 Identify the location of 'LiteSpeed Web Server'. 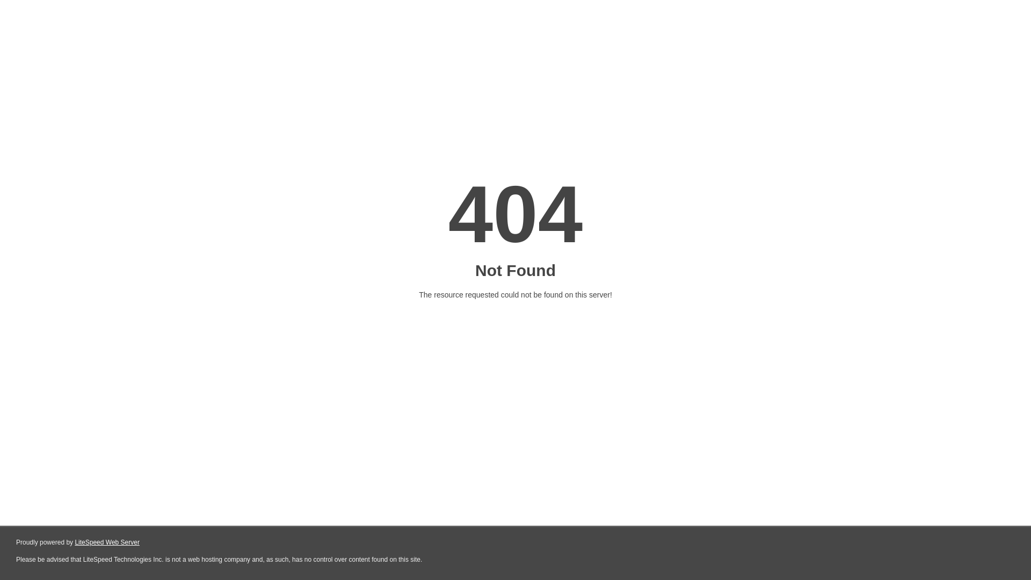
(107, 542).